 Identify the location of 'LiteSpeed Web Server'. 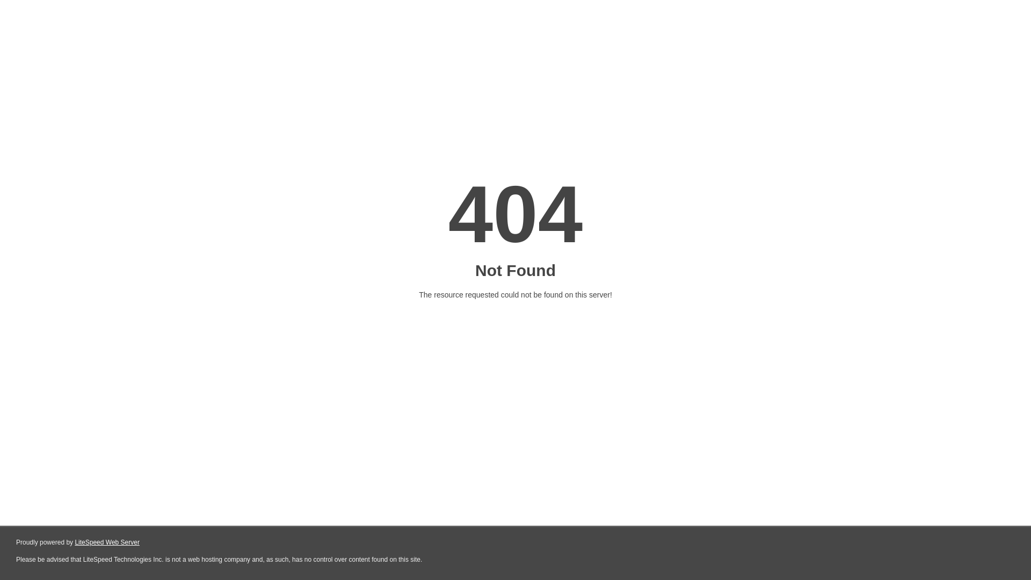
(107, 542).